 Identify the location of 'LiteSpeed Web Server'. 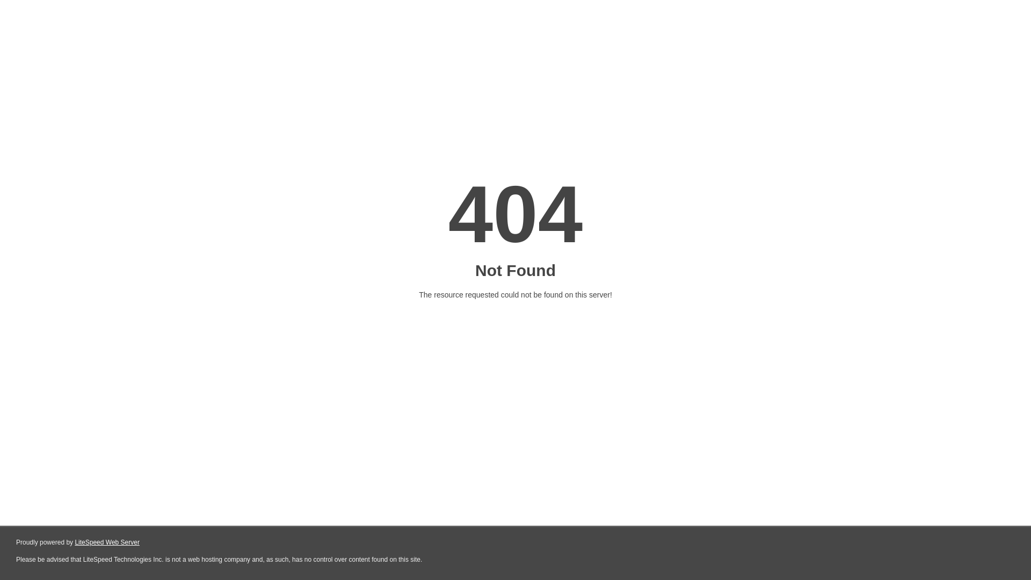
(107, 542).